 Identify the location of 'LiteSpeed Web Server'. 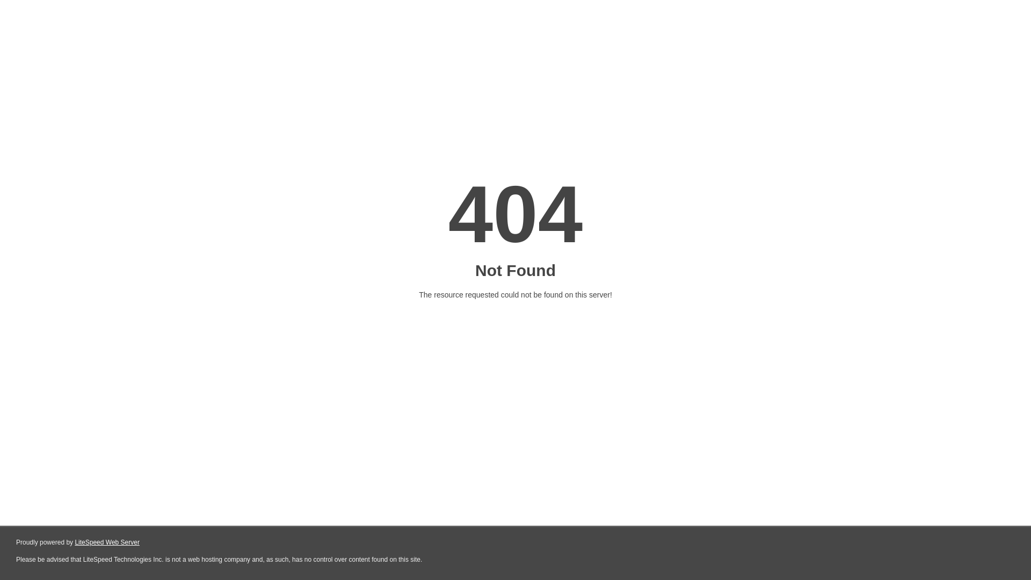
(107, 542).